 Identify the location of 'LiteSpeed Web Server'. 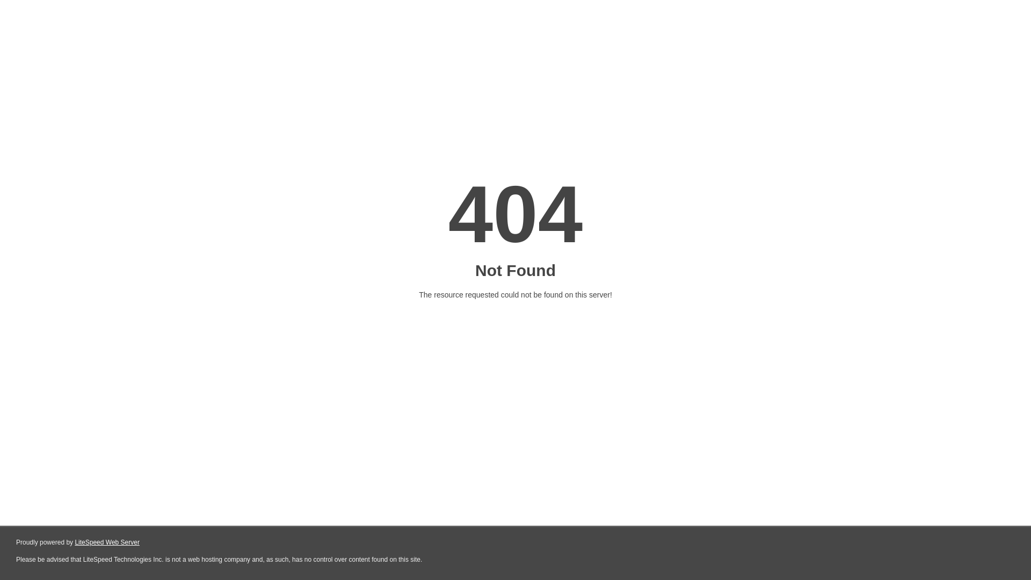
(107, 542).